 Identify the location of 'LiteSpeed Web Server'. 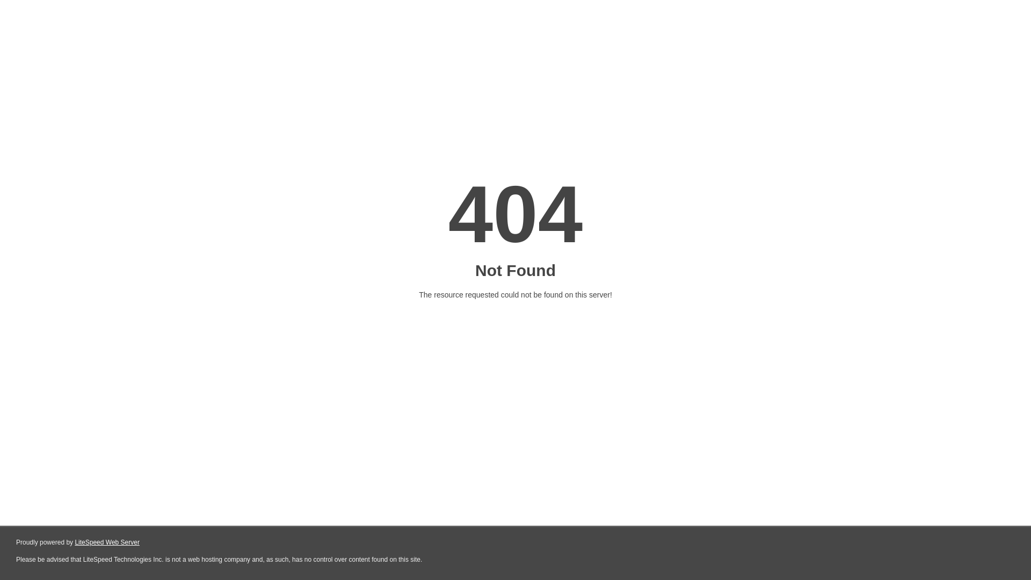
(107, 542).